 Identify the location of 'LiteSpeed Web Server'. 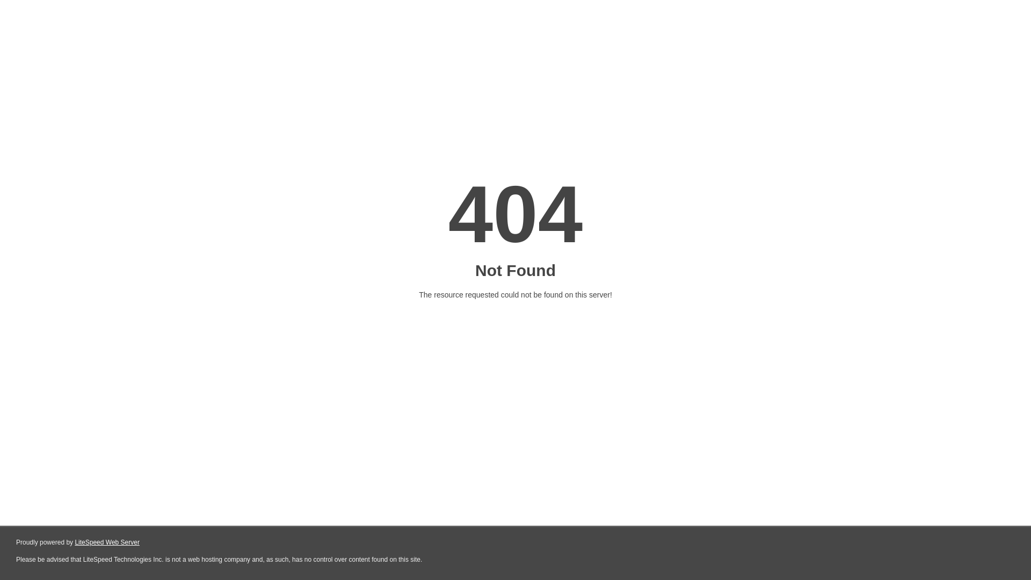
(107, 542).